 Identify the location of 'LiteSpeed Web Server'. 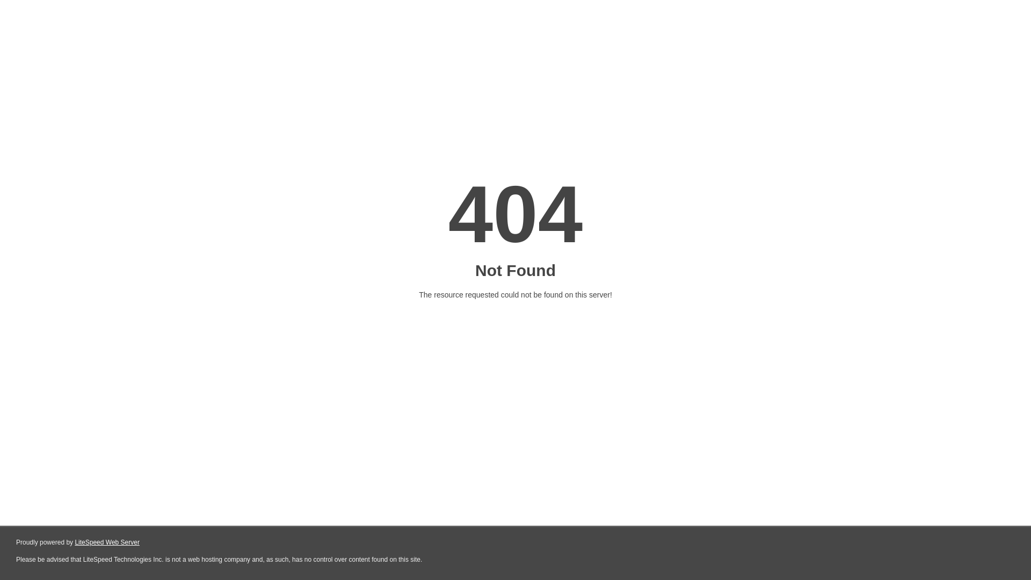
(107, 542).